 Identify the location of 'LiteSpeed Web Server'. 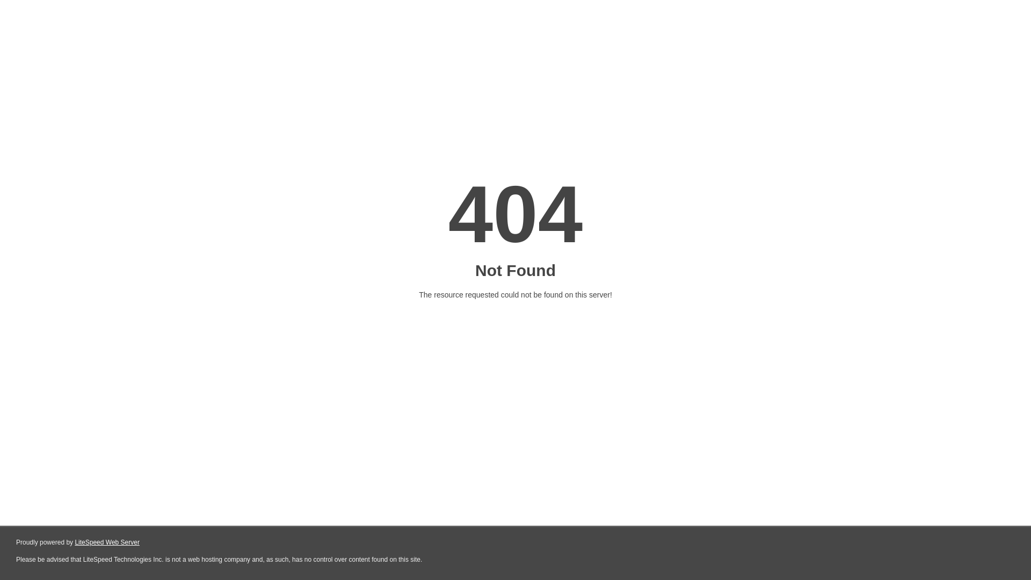
(107, 542).